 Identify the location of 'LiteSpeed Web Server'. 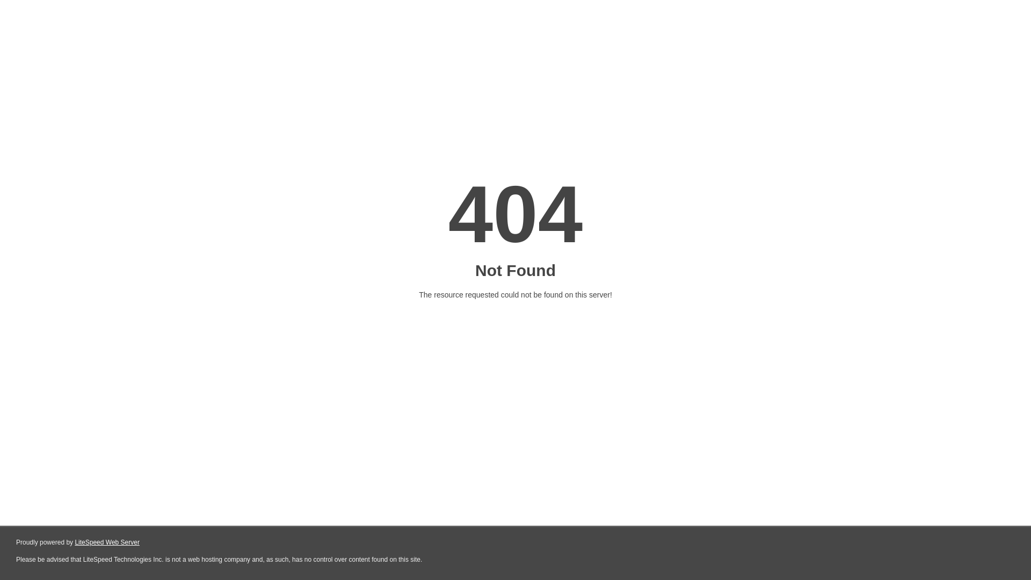
(107, 542).